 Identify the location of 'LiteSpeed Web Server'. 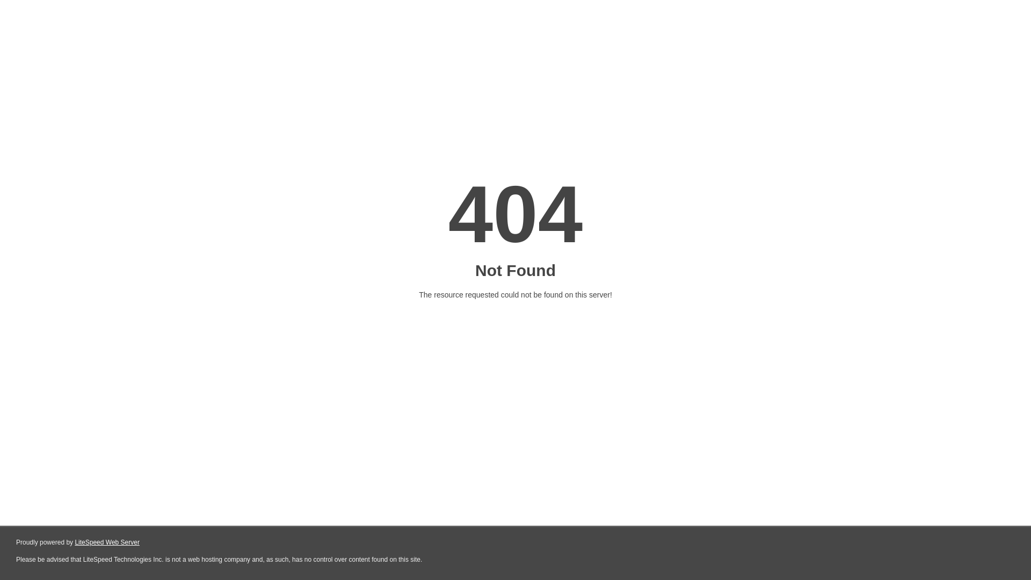
(107, 542).